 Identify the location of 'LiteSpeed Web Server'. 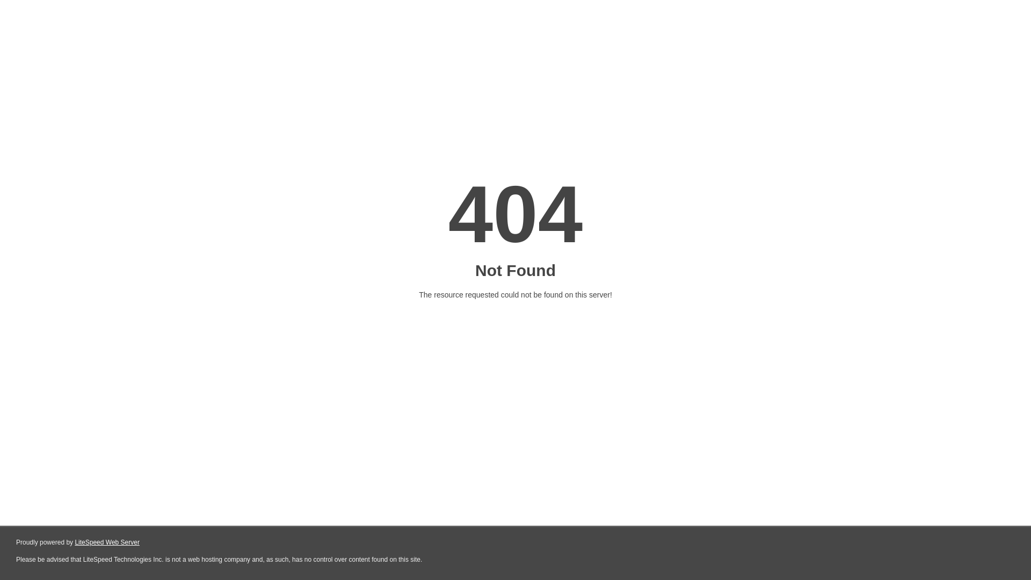
(107, 542).